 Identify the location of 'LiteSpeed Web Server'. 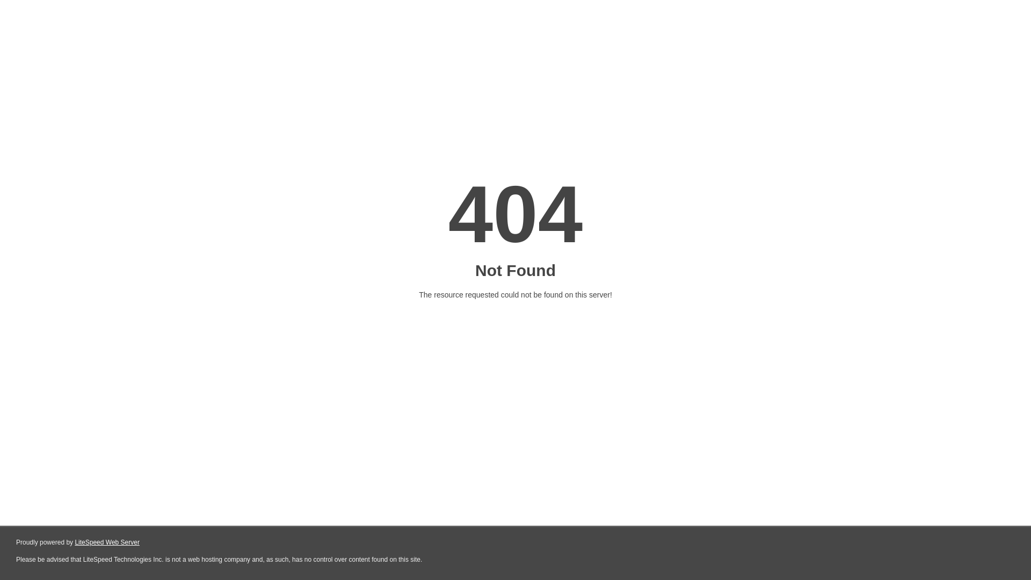
(107, 542).